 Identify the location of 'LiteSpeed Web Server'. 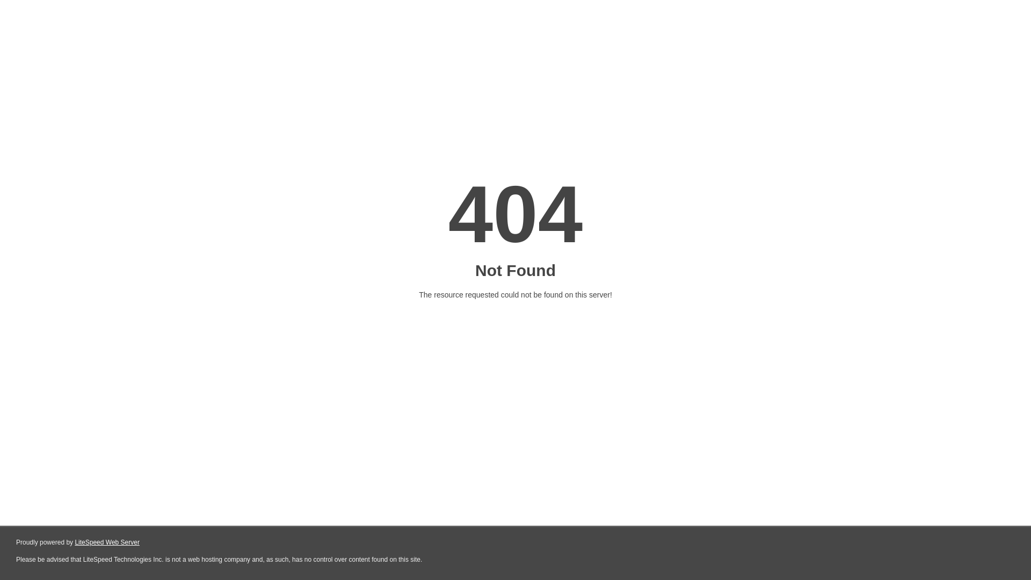
(107, 542).